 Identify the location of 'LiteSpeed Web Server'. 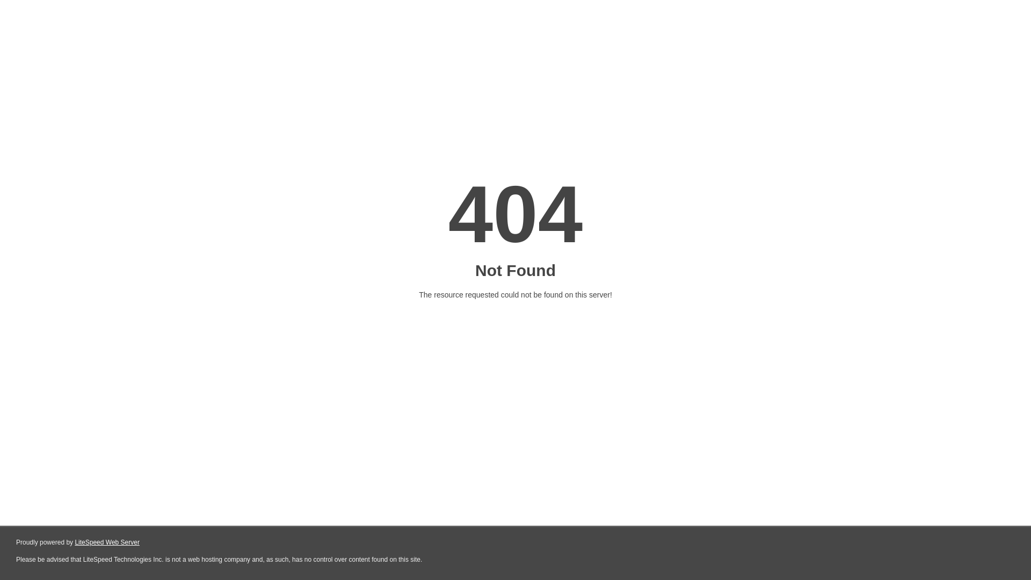
(107, 542).